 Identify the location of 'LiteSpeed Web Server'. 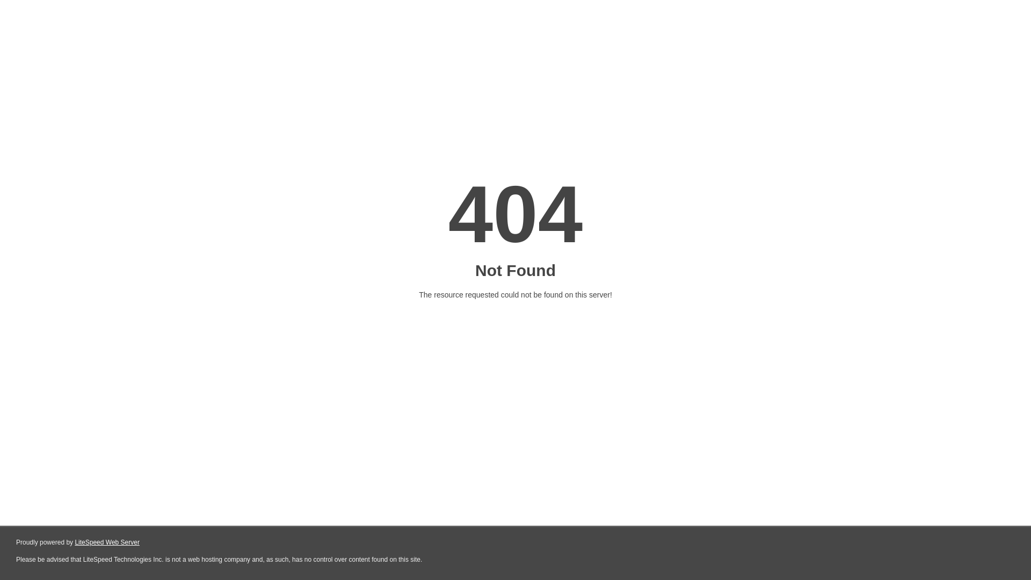
(107, 542).